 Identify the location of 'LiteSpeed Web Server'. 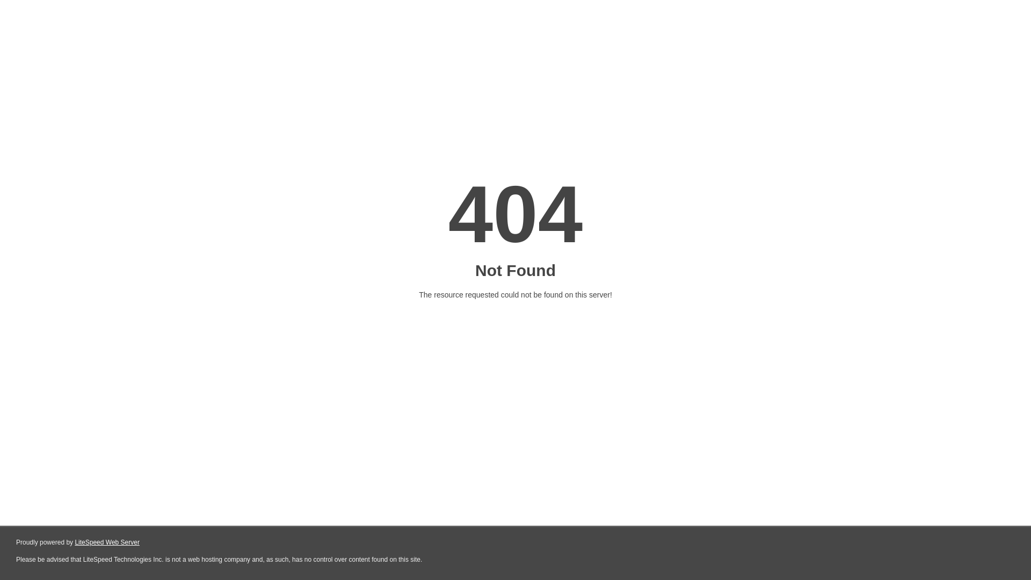
(107, 542).